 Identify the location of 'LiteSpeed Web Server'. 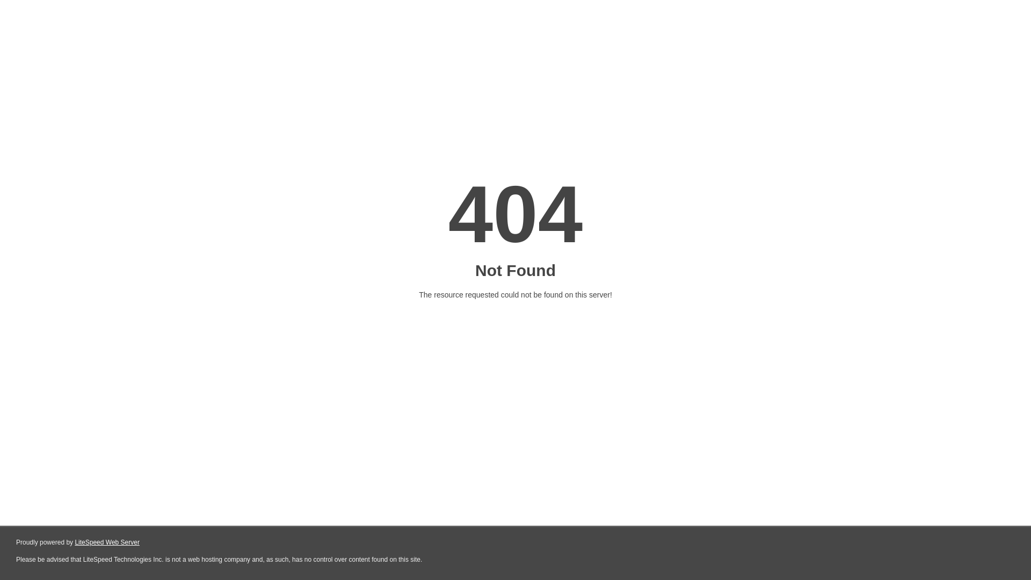
(107, 542).